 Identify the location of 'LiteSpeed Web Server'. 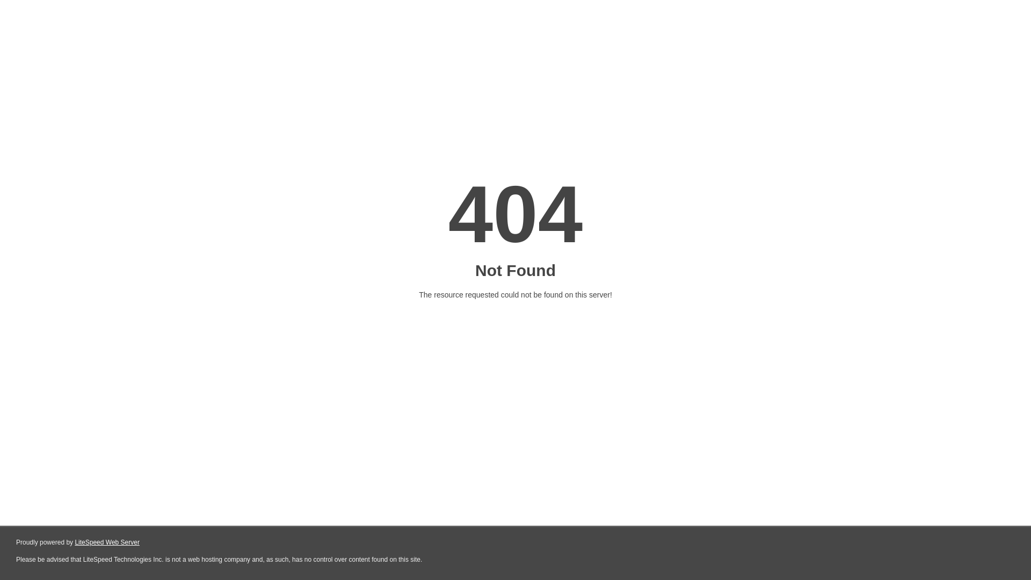
(107, 542).